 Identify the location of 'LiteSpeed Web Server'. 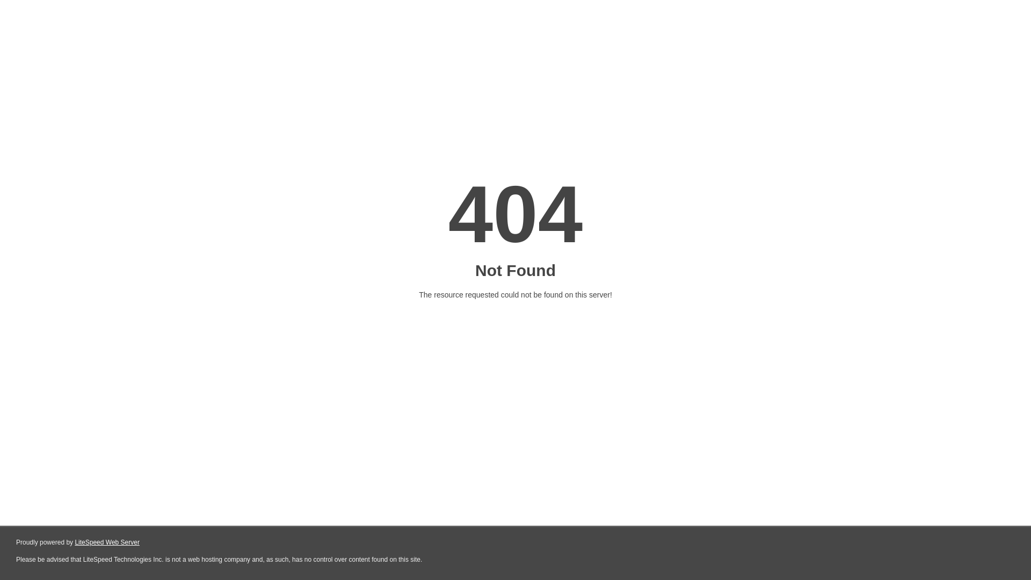
(107, 542).